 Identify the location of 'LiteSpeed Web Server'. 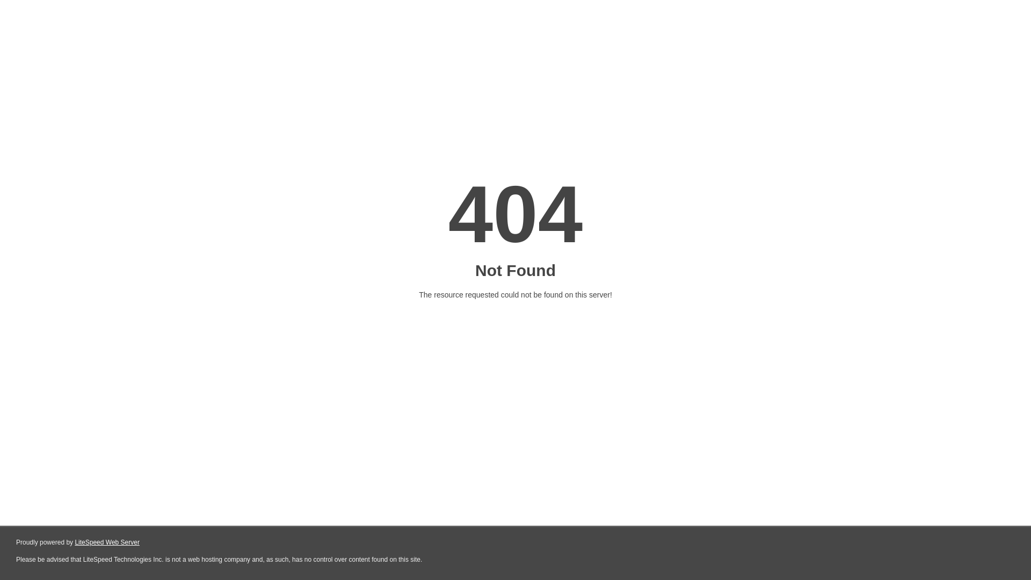
(107, 542).